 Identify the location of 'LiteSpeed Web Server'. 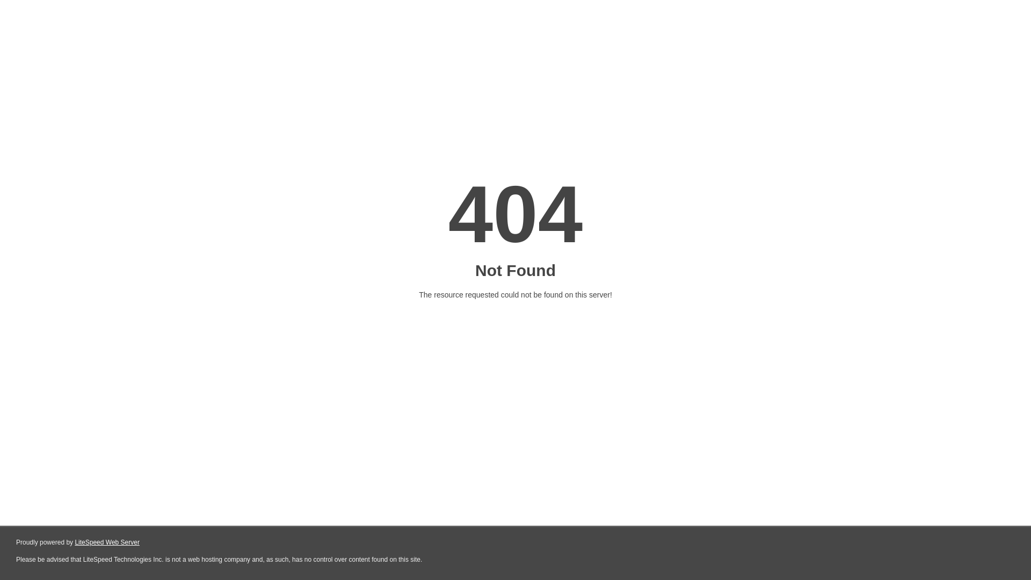
(107, 542).